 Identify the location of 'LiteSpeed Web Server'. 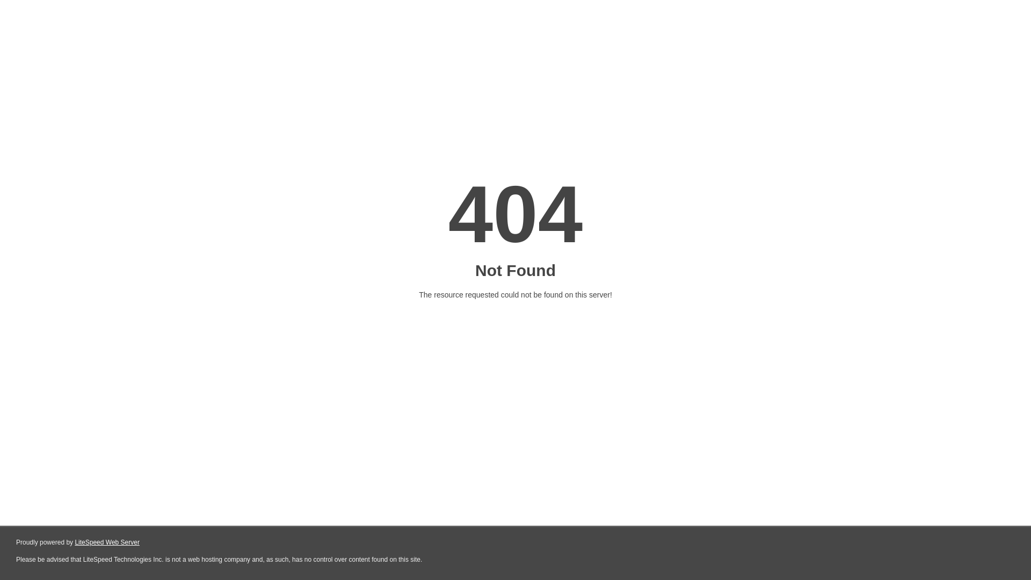
(107, 542).